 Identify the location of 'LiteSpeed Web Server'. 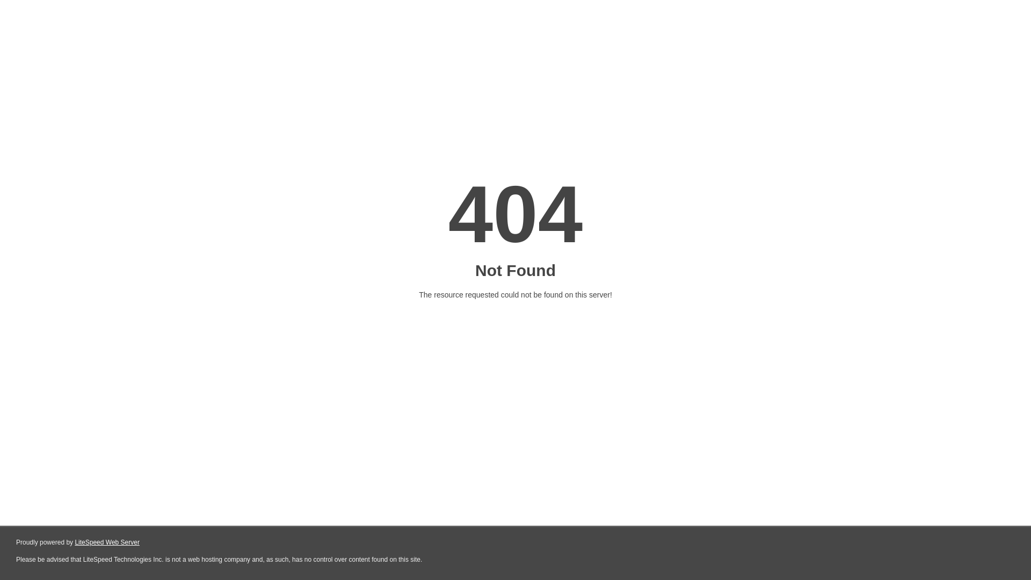
(107, 542).